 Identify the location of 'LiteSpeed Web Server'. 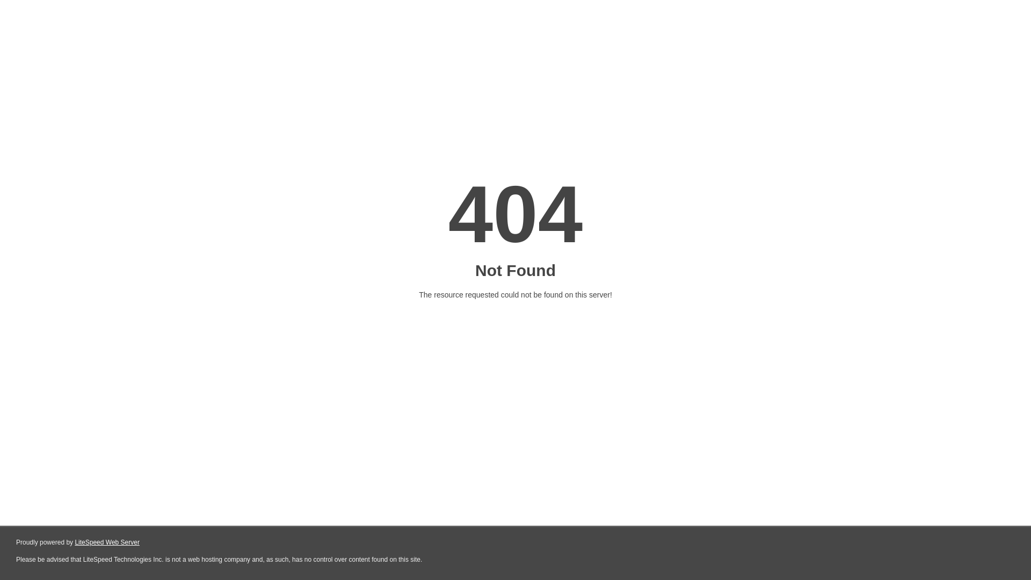
(107, 542).